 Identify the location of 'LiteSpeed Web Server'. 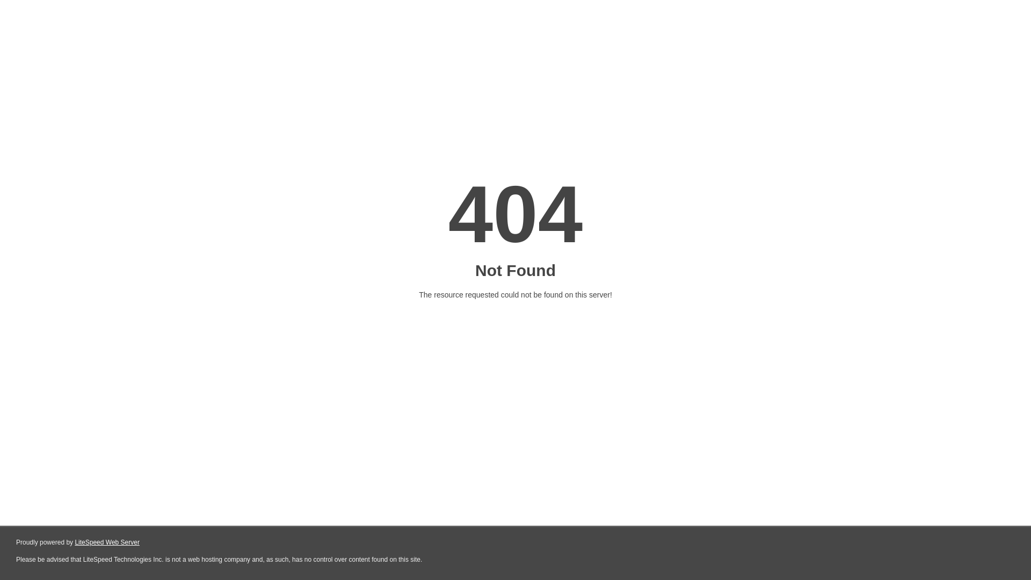
(107, 542).